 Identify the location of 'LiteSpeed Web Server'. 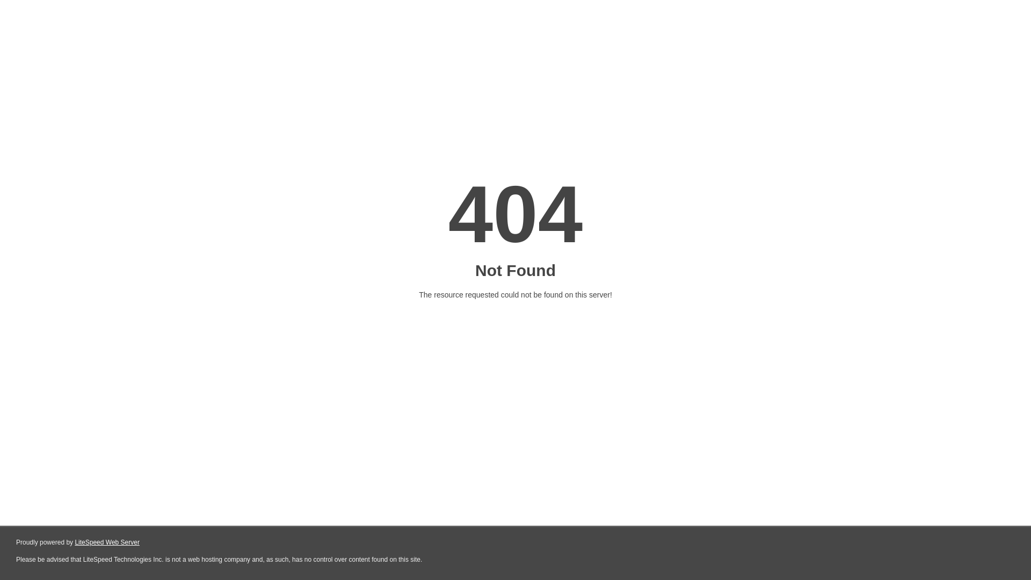
(107, 542).